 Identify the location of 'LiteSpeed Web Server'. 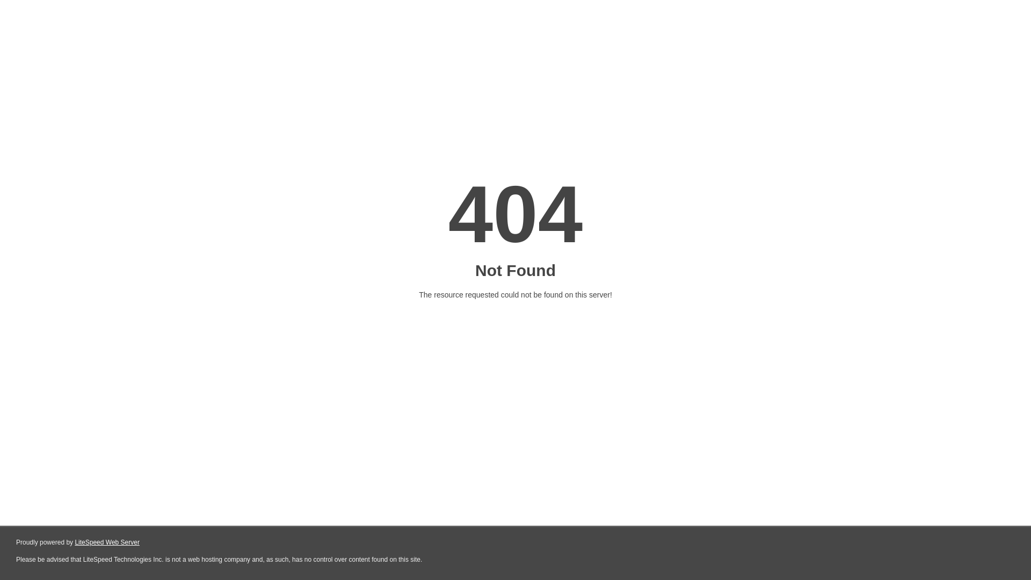
(107, 542).